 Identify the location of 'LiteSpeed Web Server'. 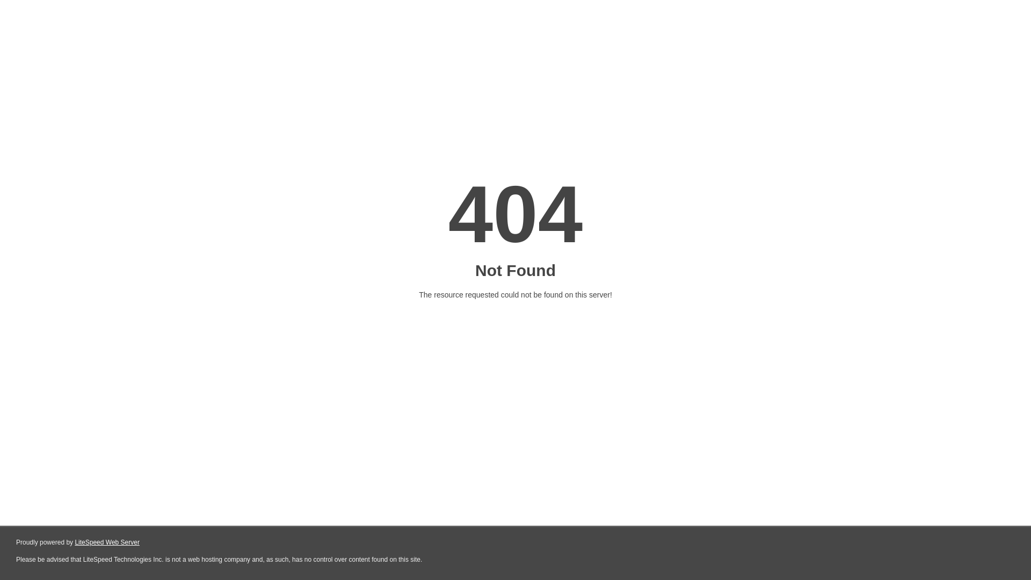
(107, 542).